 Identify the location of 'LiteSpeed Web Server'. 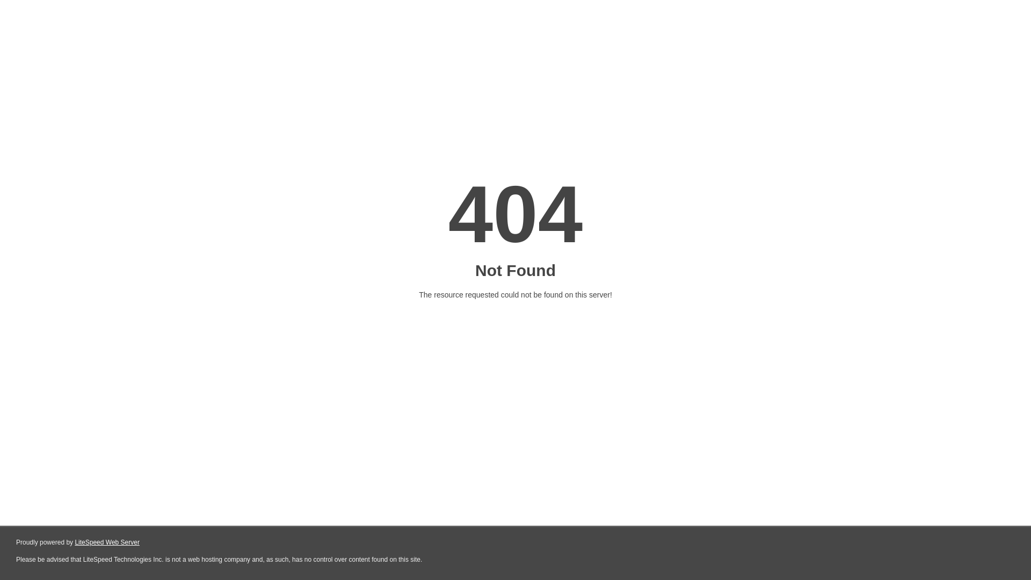
(107, 542).